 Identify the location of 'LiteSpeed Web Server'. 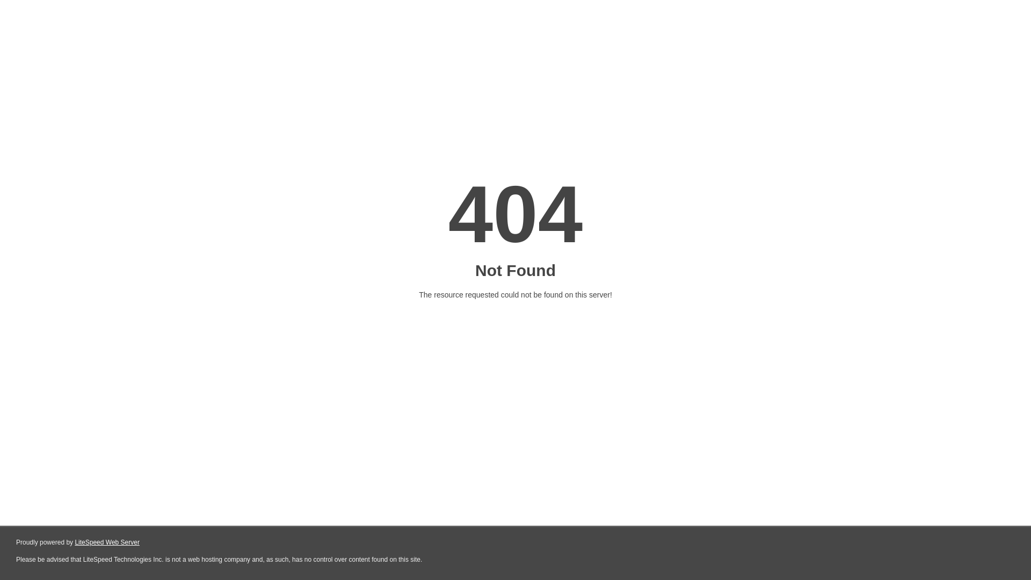
(107, 542).